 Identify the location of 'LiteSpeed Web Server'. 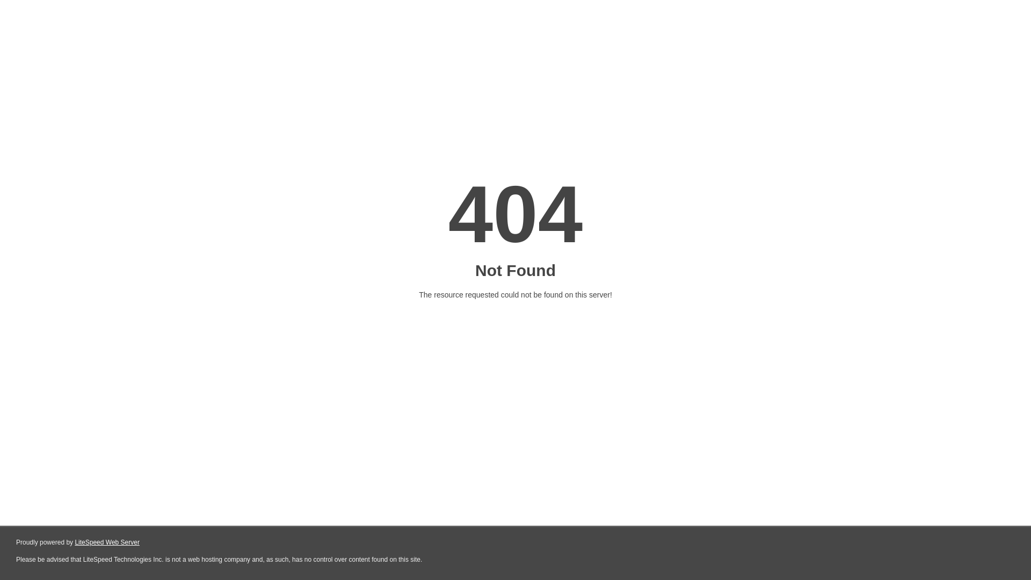
(107, 542).